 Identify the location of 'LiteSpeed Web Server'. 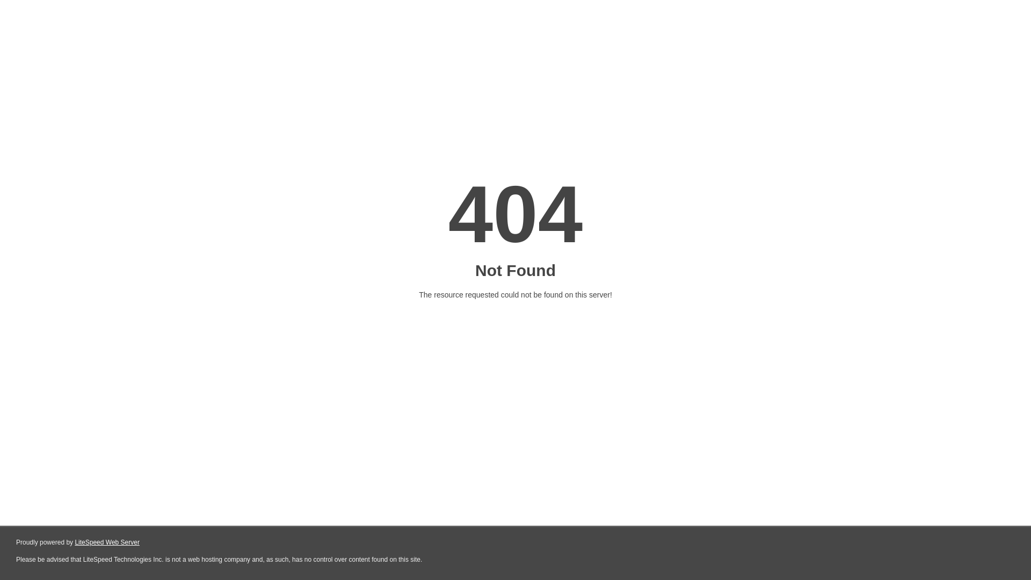
(107, 542).